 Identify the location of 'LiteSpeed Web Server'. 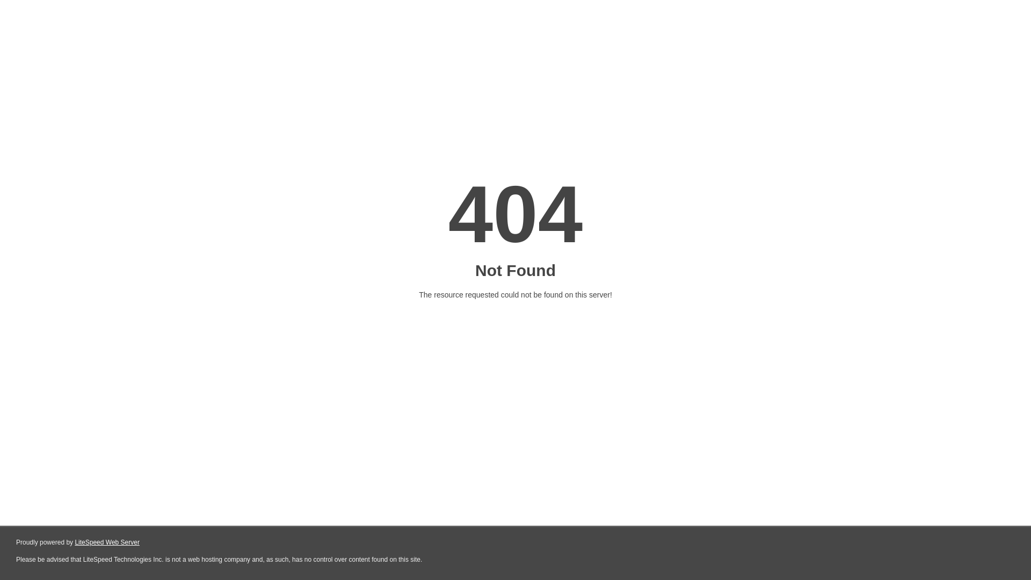
(107, 542).